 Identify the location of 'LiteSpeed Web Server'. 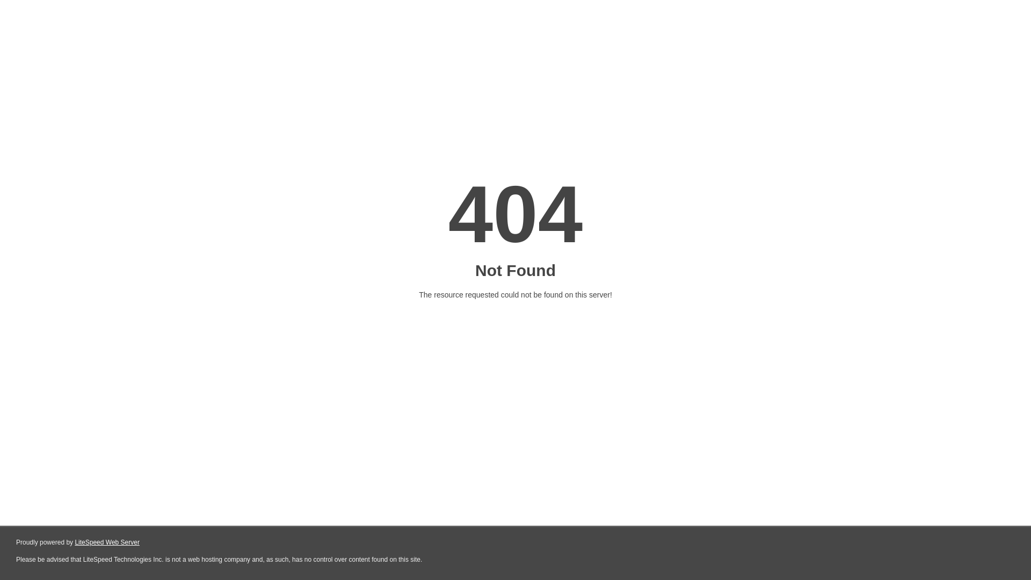
(107, 542).